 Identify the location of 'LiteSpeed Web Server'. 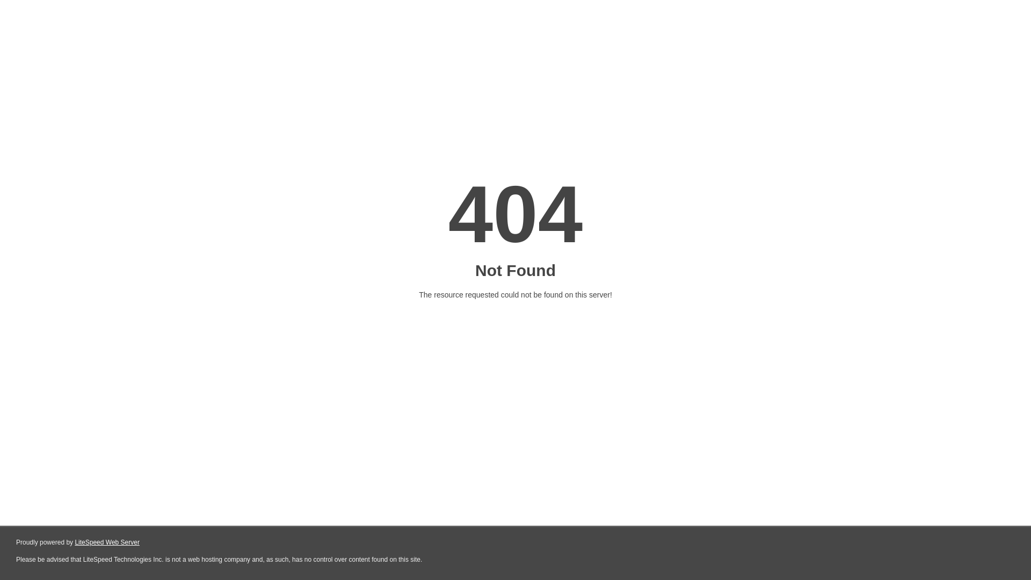
(107, 542).